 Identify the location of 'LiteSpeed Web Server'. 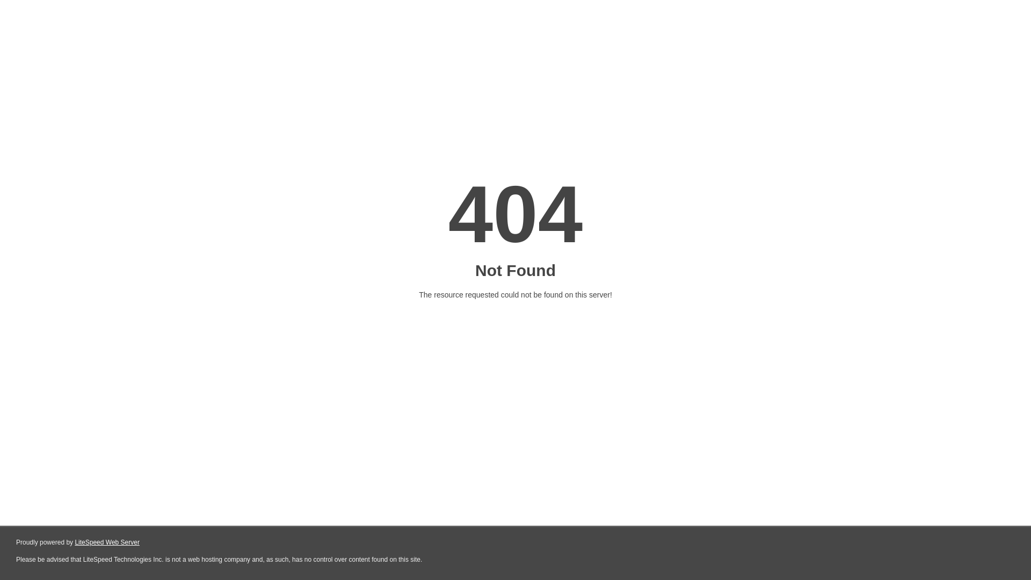
(107, 542).